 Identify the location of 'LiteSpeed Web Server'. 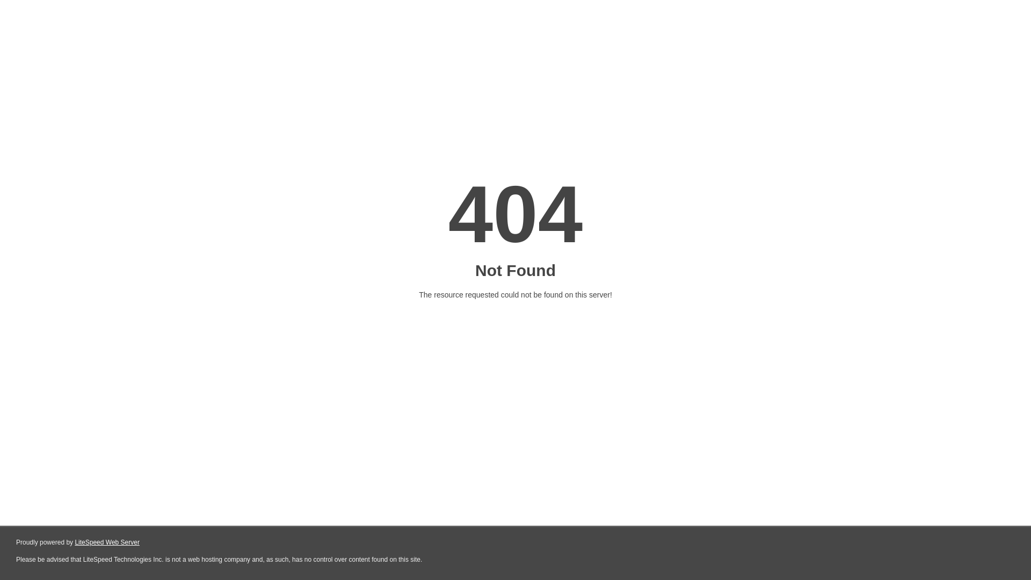
(107, 542).